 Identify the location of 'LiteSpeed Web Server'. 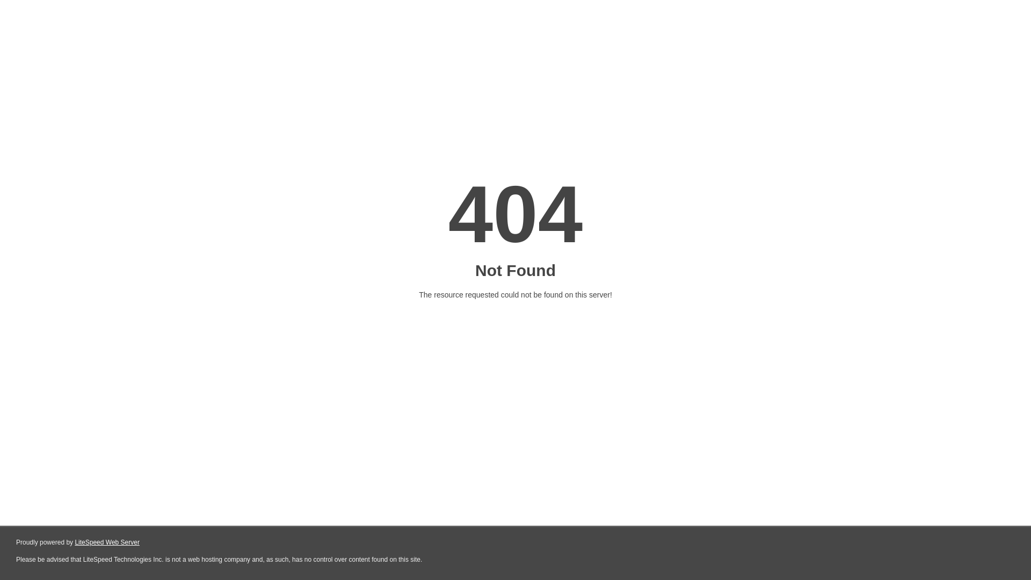
(107, 542).